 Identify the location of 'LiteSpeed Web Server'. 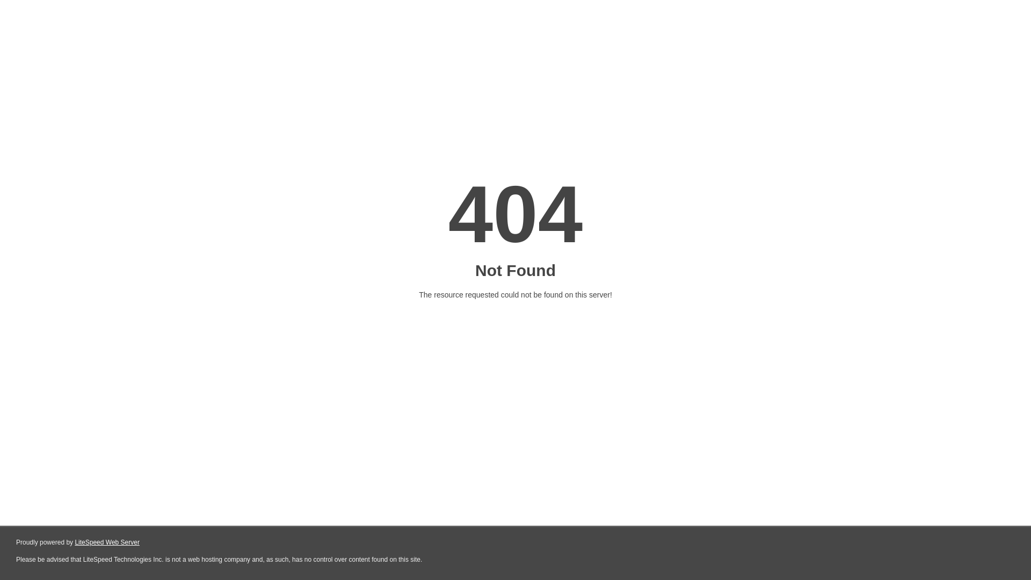
(107, 542).